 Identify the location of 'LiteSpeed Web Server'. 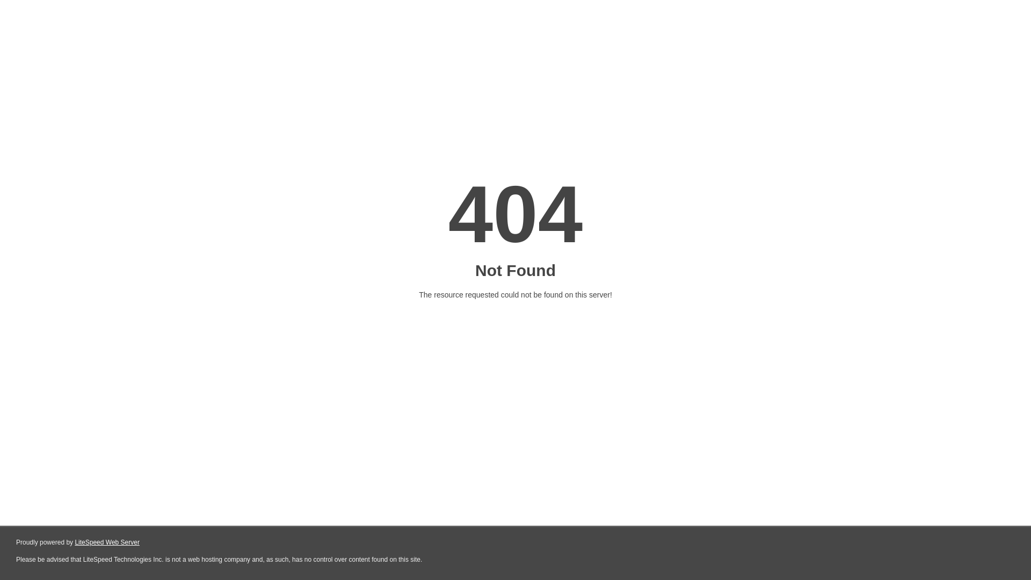
(107, 542).